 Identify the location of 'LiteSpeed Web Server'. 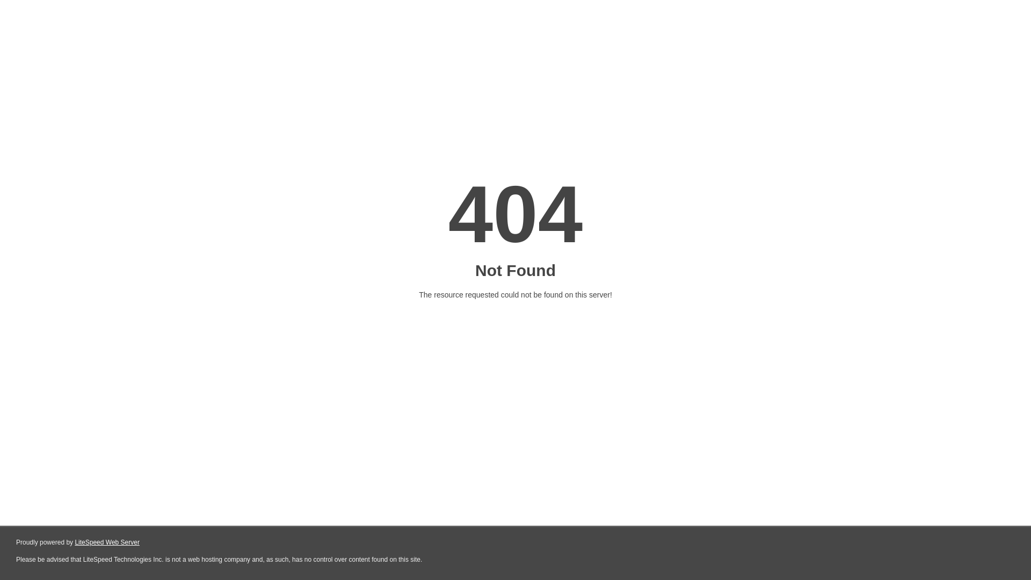
(107, 542).